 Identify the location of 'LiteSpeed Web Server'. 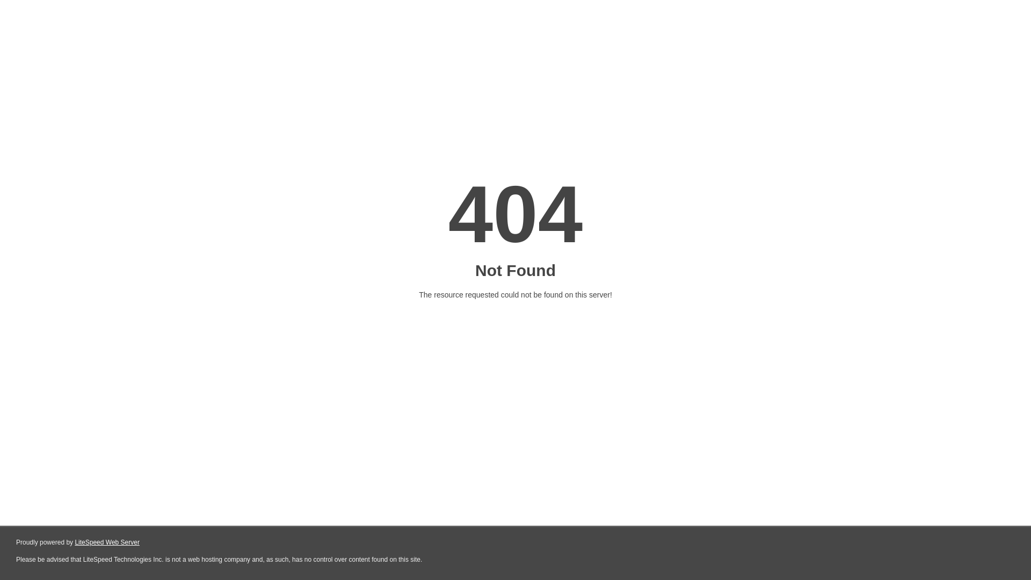
(107, 542).